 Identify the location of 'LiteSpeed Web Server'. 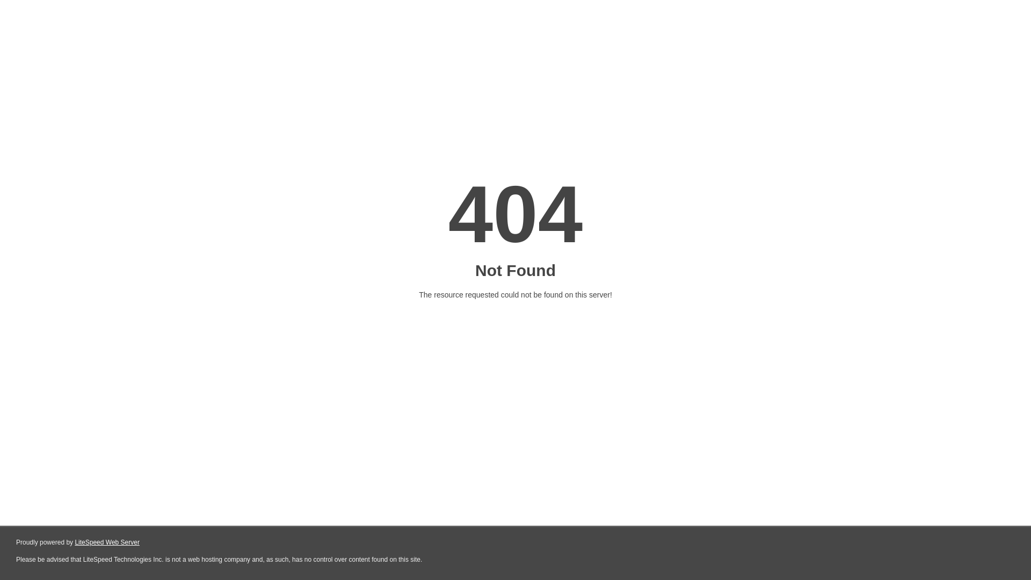
(107, 542).